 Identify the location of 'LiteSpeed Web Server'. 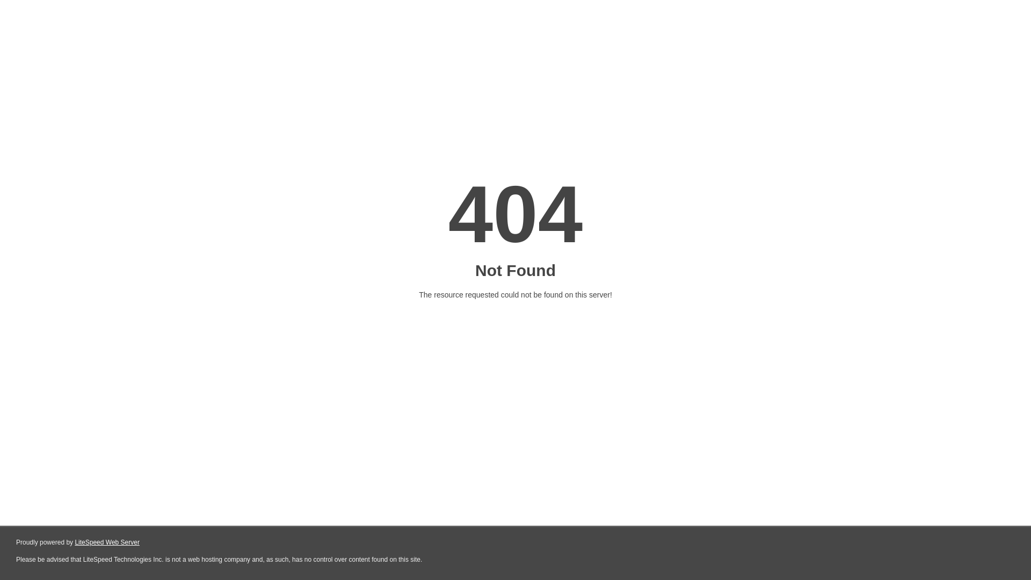
(107, 542).